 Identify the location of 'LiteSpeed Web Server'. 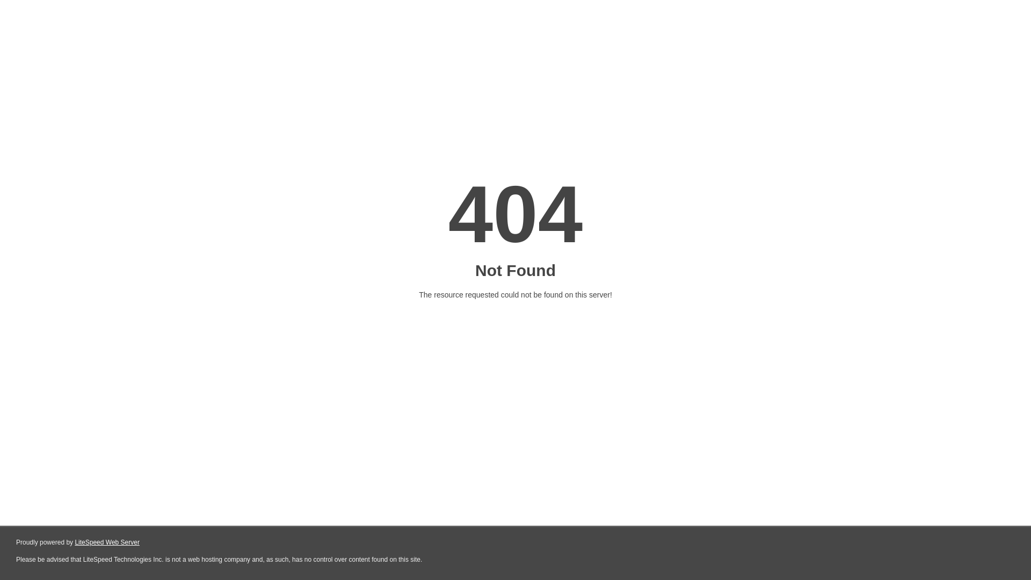
(107, 542).